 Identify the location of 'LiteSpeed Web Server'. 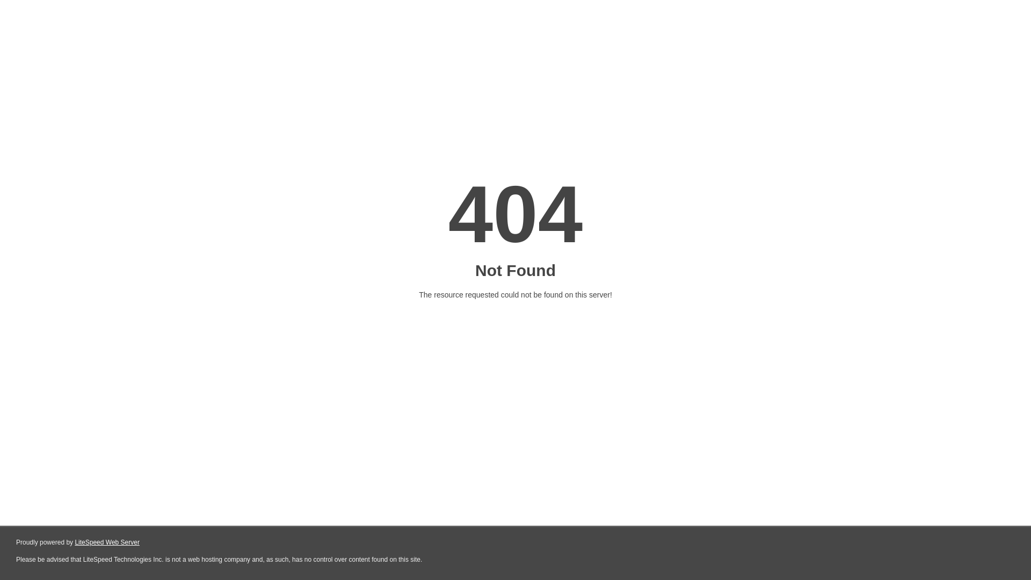
(107, 542).